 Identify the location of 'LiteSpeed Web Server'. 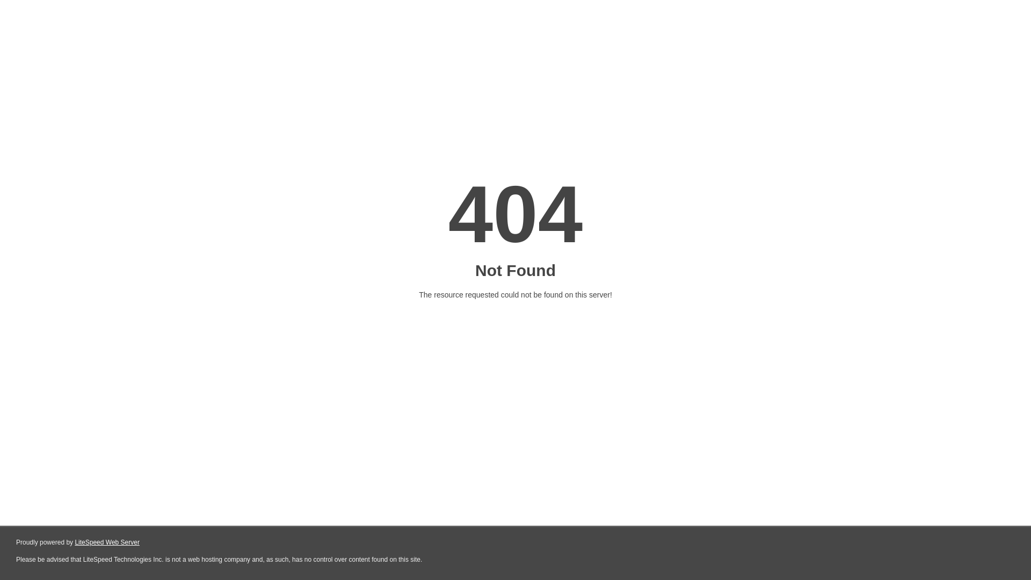
(107, 542).